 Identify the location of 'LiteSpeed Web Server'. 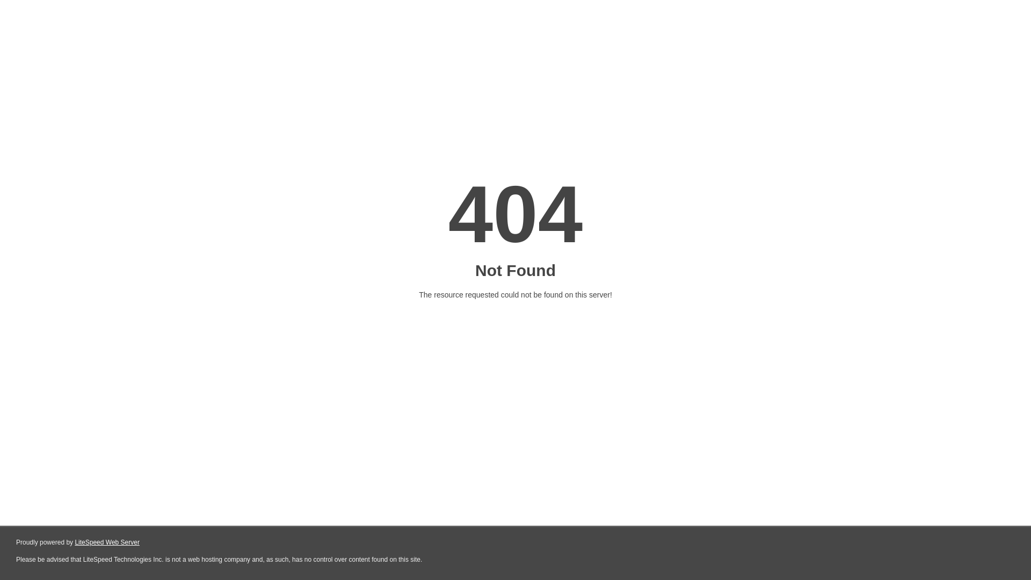
(107, 542).